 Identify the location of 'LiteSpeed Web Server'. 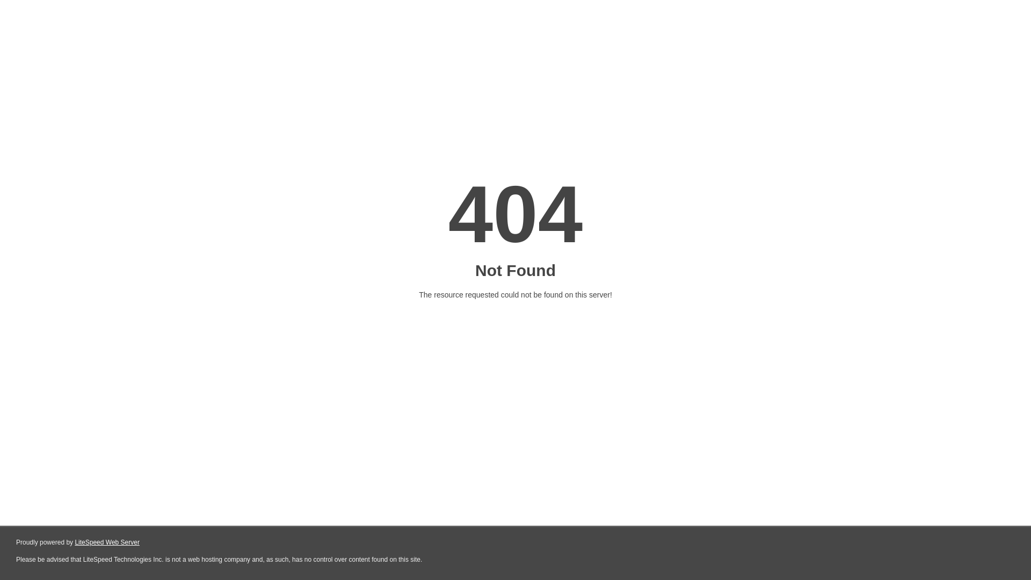
(107, 542).